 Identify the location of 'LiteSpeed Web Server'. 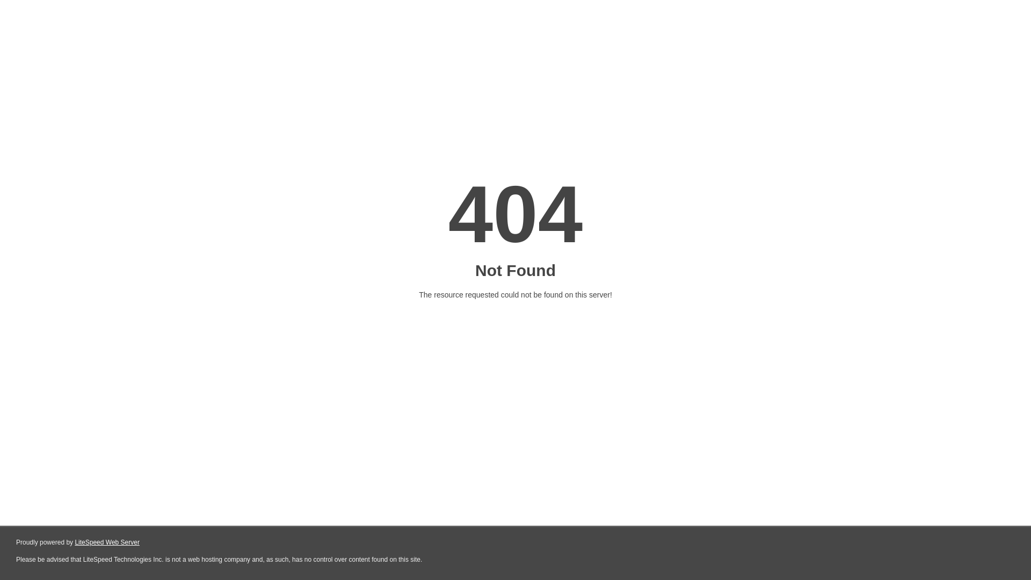
(107, 542).